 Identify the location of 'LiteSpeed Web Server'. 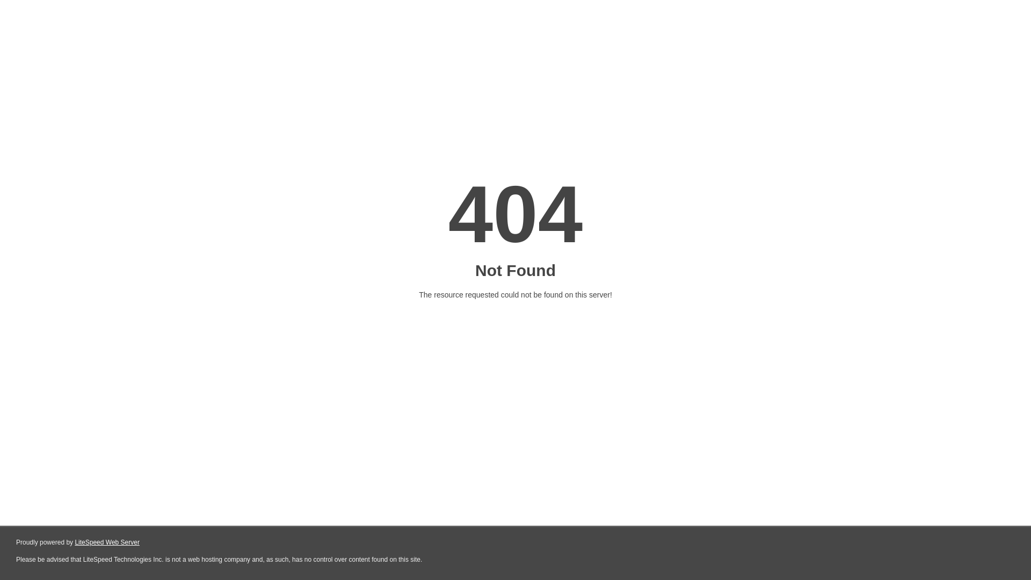
(107, 542).